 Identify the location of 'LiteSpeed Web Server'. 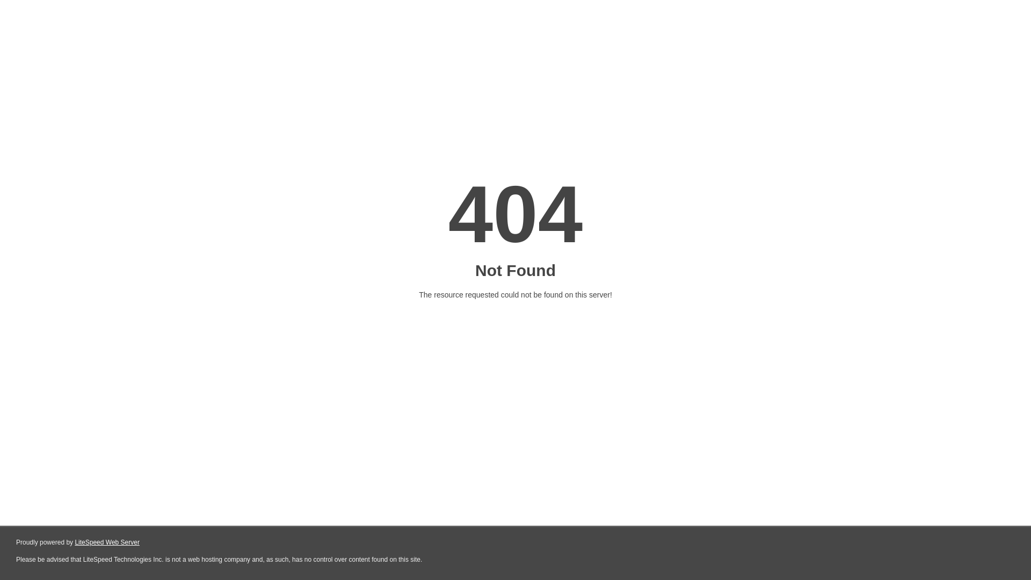
(107, 542).